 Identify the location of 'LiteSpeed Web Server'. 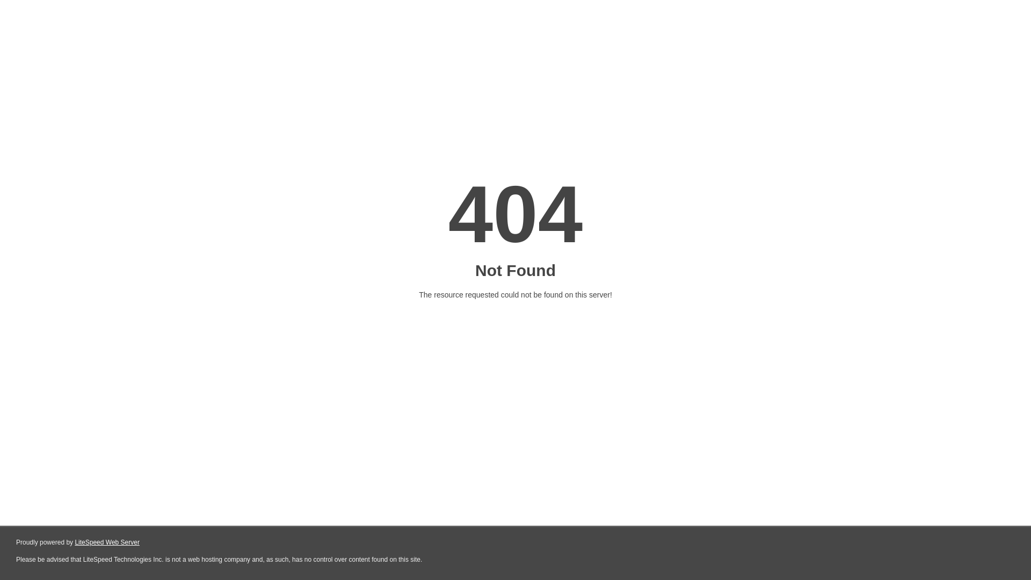
(107, 542).